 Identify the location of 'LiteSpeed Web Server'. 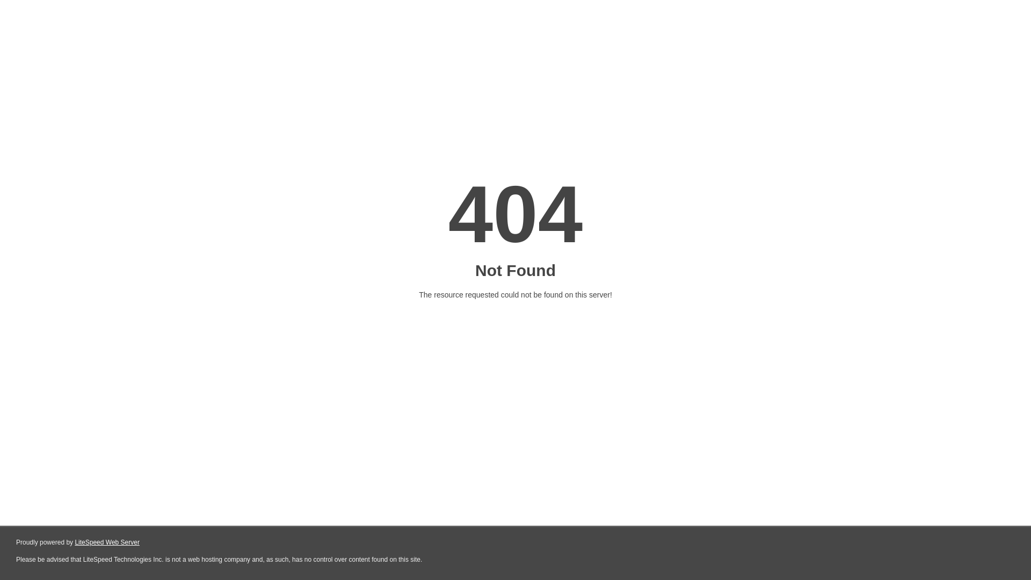
(107, 542).